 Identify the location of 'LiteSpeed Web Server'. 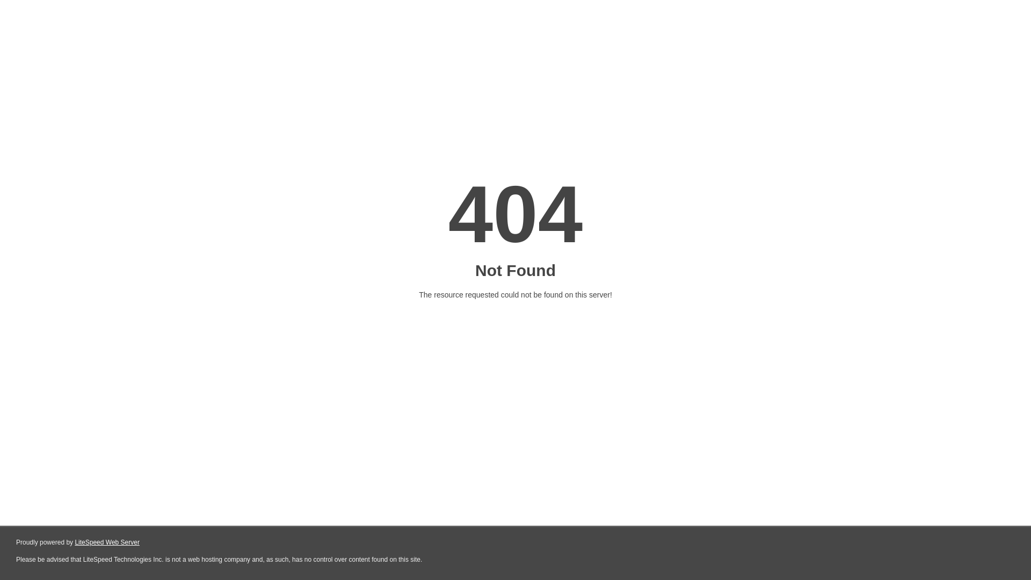
(107, 542).